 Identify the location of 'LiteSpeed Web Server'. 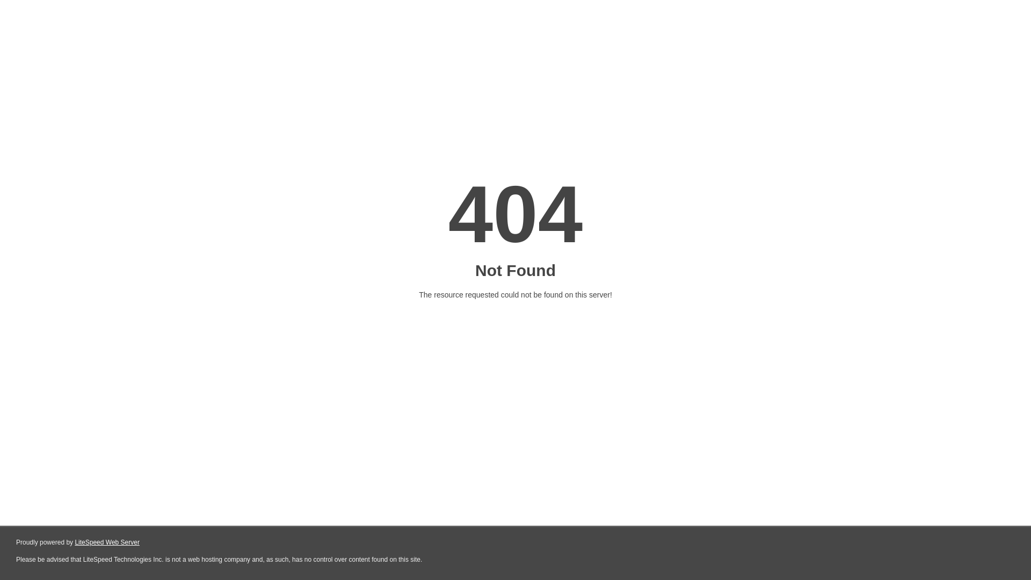
(107, 542).